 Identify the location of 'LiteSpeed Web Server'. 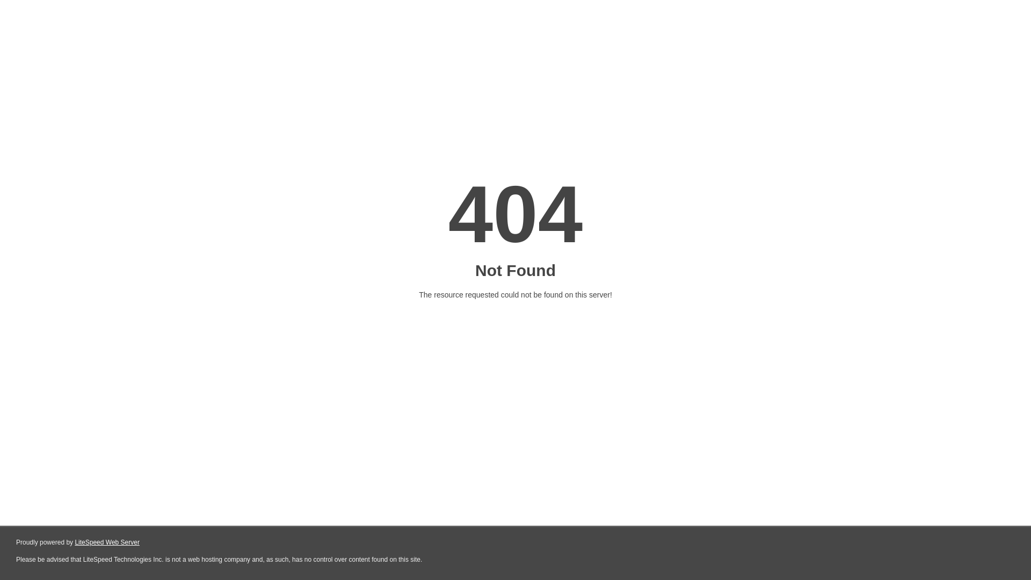
(107, 542).